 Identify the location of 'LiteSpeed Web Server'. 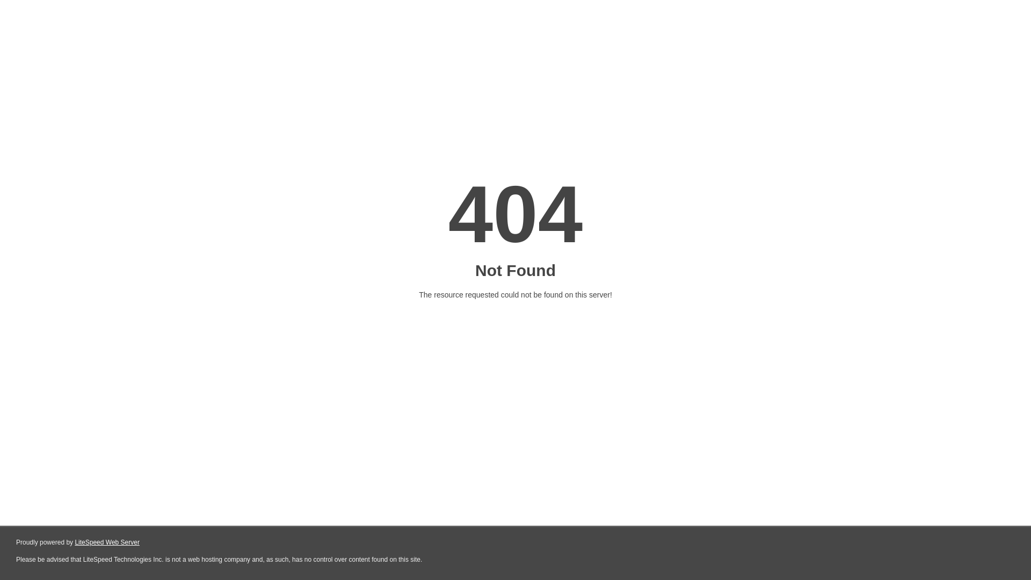
(107, 542).